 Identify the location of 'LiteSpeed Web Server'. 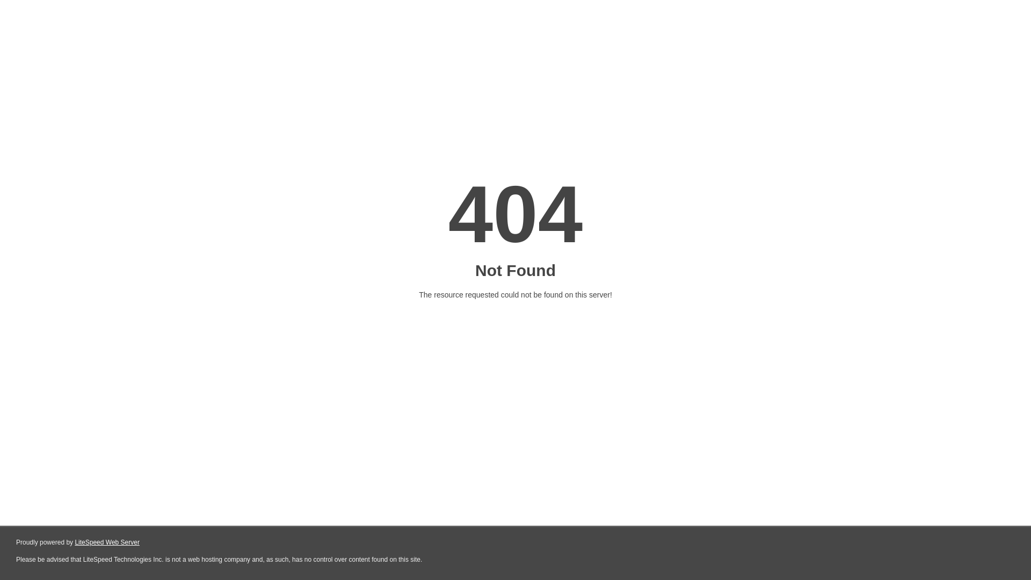
(107, 542).